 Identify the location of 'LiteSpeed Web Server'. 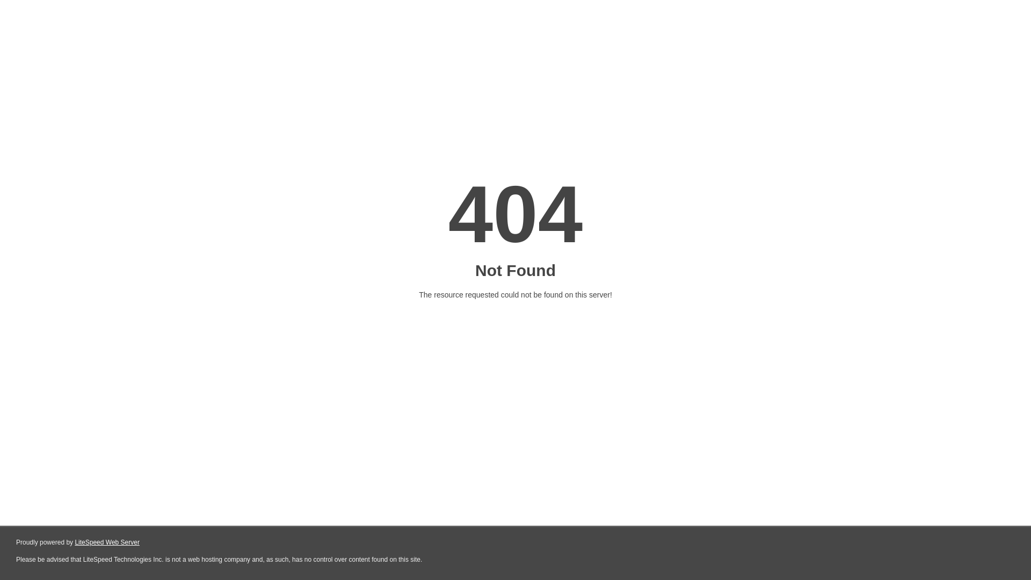
(107, 542).